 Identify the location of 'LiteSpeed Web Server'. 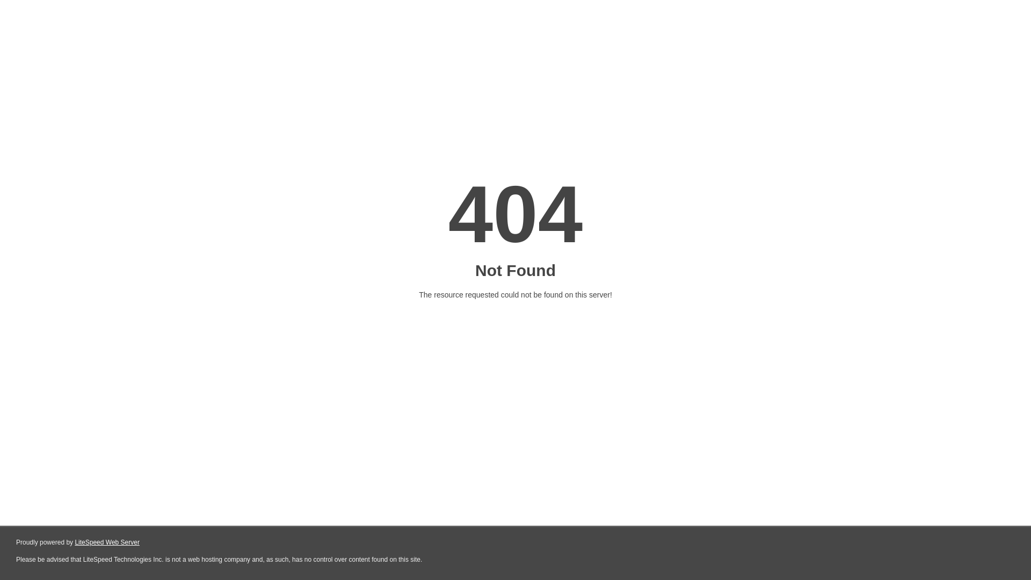
(107, 542).